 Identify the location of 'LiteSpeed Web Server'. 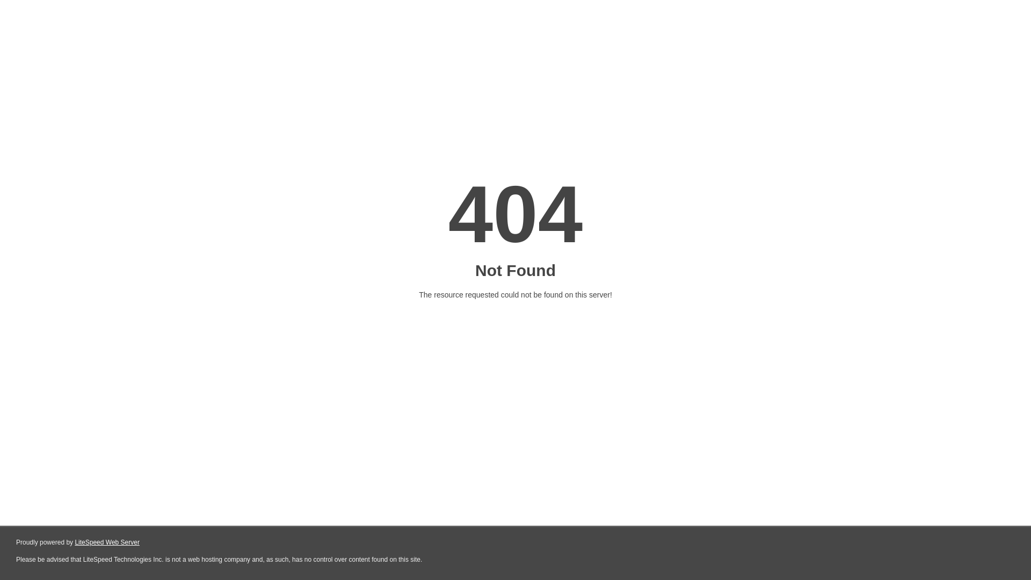
(107, 542).